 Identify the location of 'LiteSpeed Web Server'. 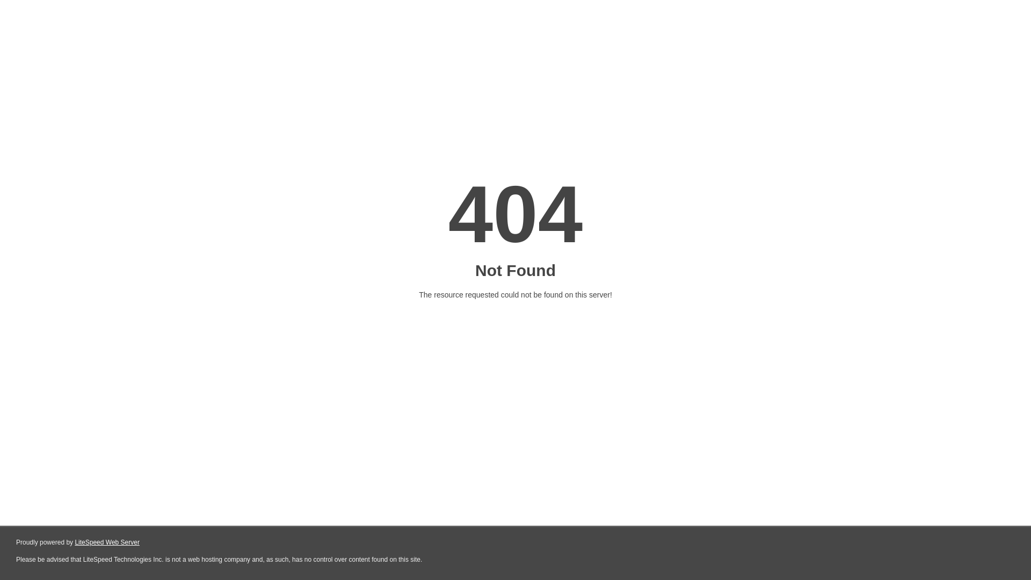
(107, 542).